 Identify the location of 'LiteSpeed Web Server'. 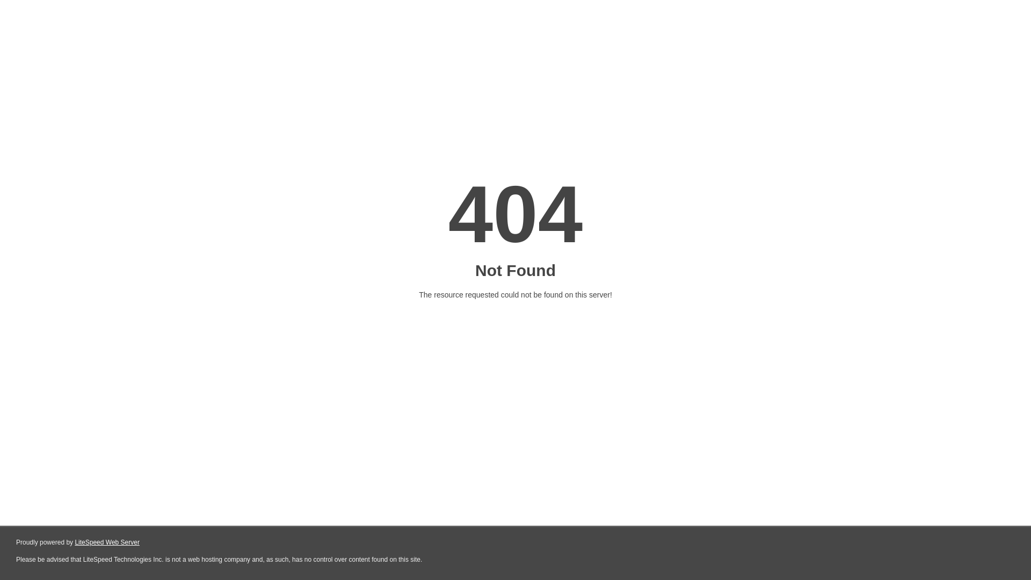
(107, 542).